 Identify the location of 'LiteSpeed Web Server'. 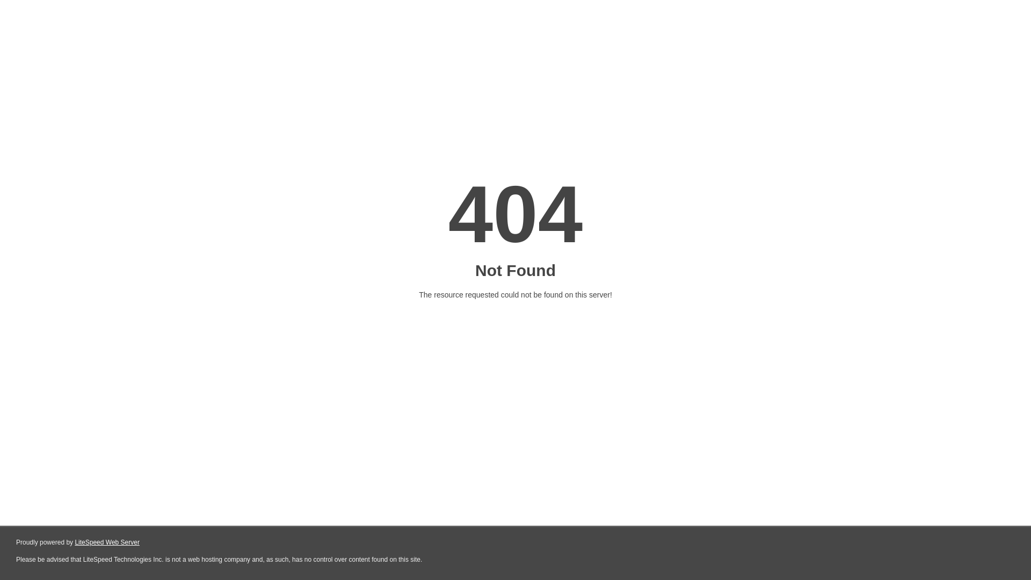
(107, 542).